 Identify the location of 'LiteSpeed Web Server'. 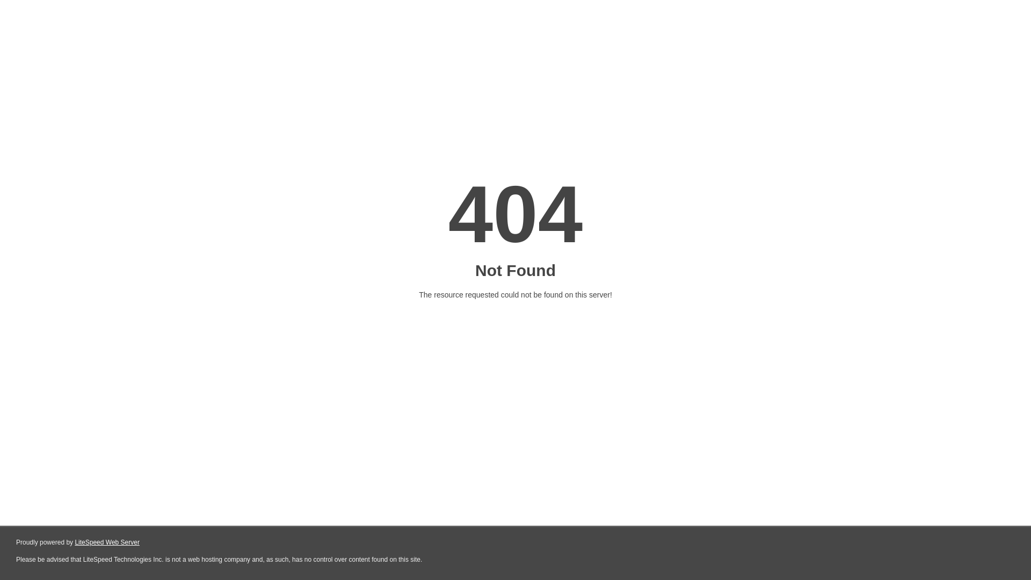
(107, 542).